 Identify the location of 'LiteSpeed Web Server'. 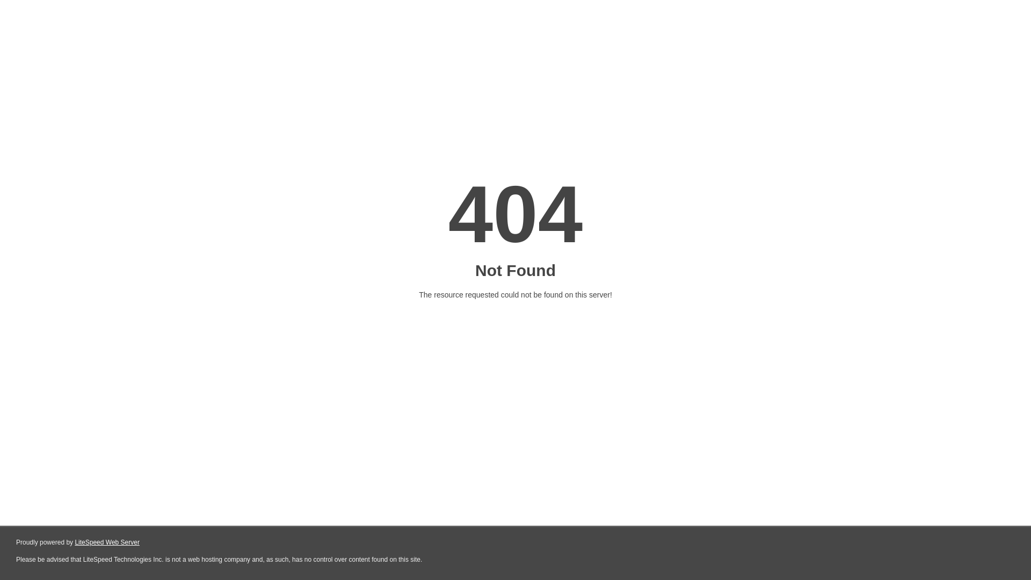
(107, 542).